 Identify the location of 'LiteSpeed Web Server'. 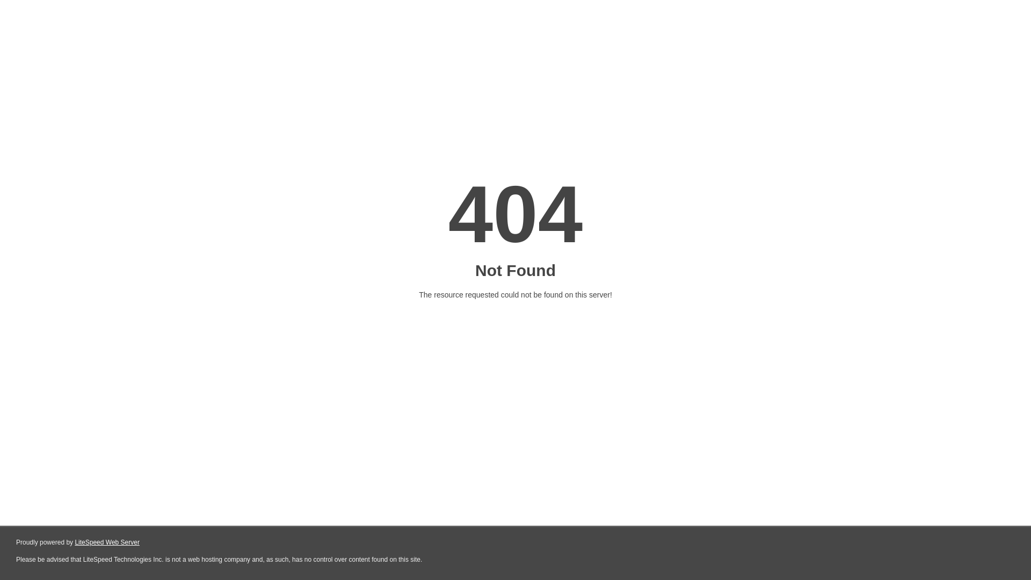
(107, 542).